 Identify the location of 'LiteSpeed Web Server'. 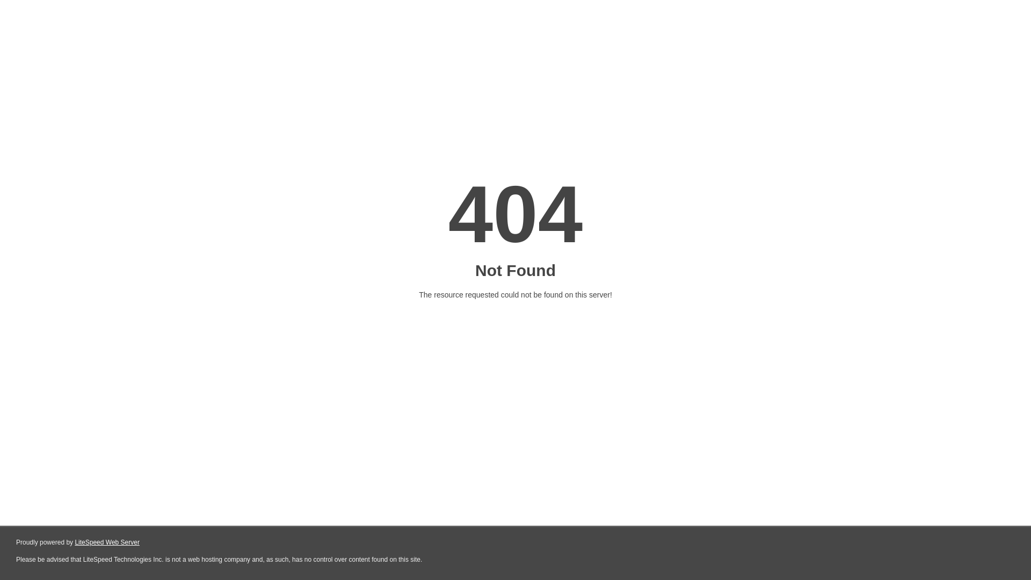
(107, 542).